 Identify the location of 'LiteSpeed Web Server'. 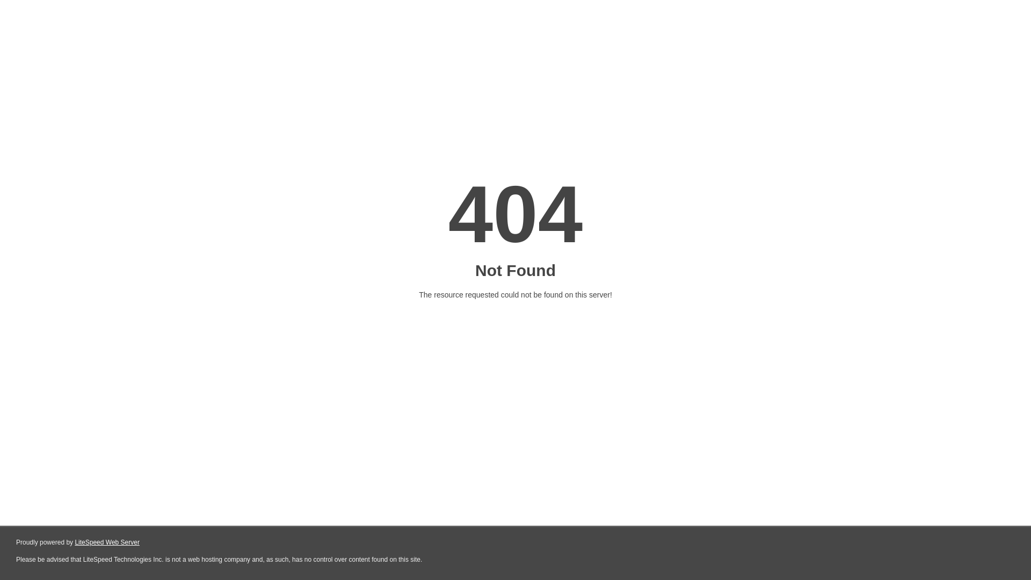
(107, 542).